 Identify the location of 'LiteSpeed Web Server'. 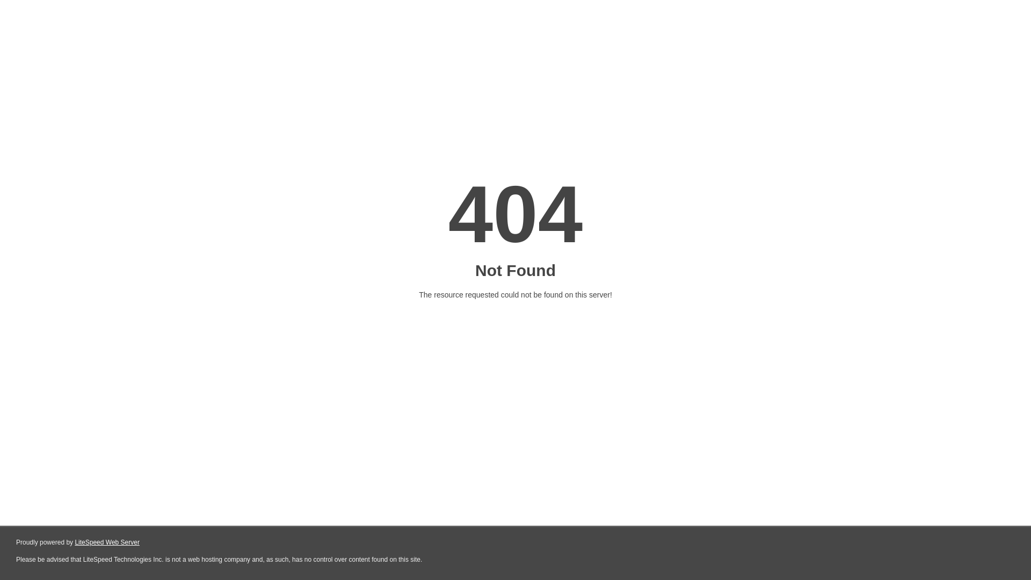
(107, 542).